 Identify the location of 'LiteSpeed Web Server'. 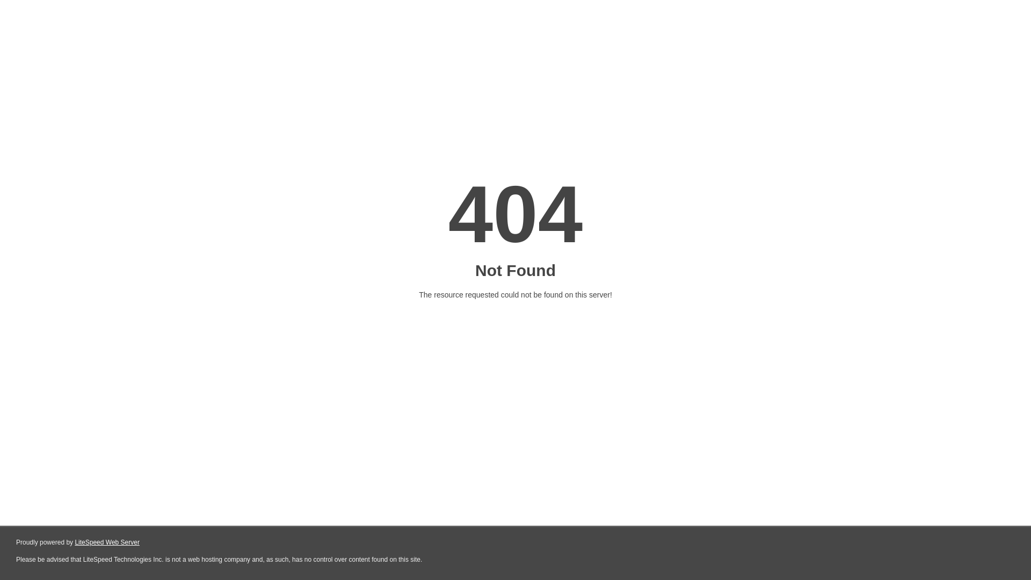
(107, 542).